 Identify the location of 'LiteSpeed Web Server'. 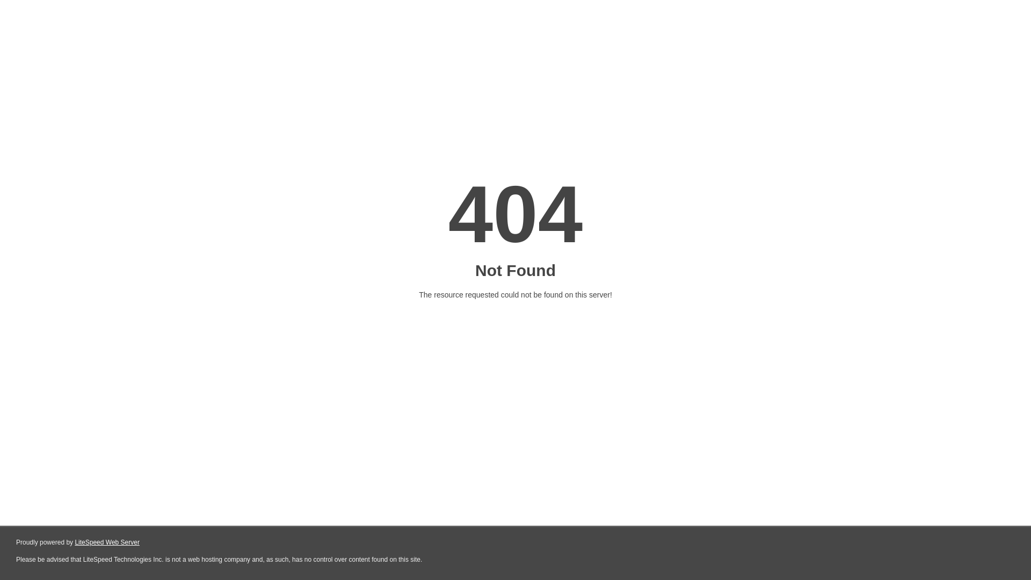
(107, 542).